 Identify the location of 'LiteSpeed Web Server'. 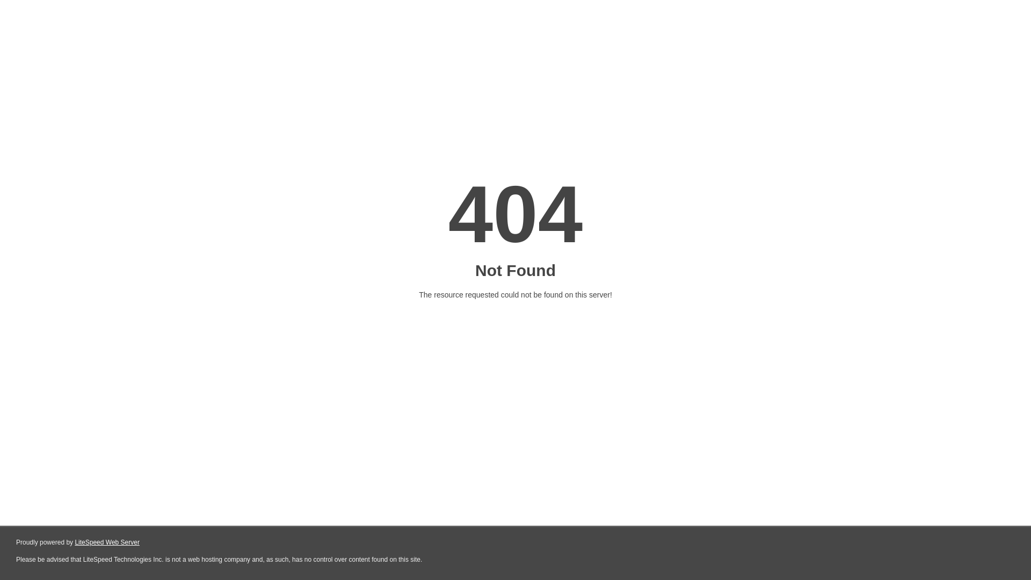
(107, 542).